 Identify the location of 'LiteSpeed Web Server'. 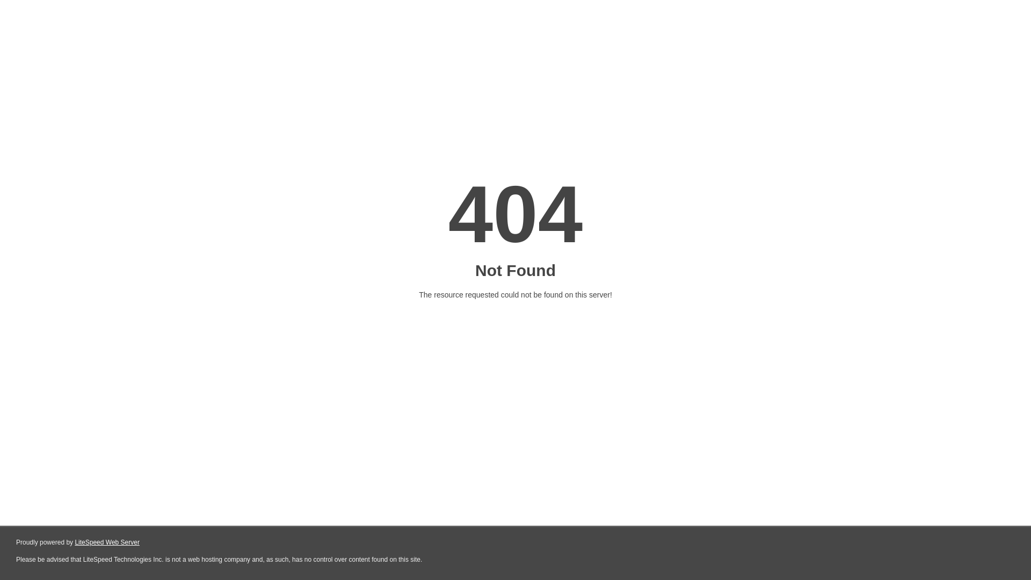
(107, 542).